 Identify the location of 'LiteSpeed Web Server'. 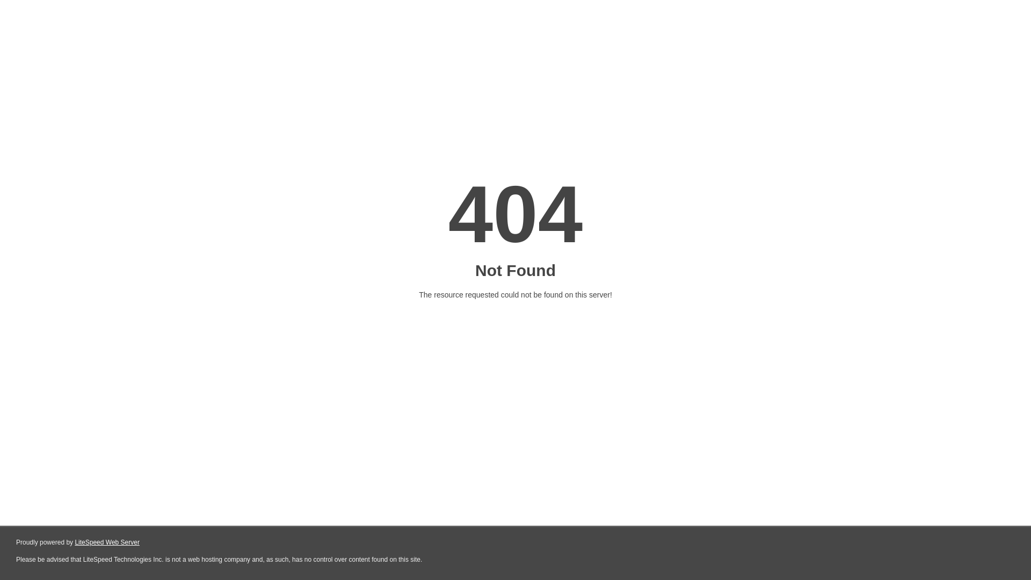
(107, 542).